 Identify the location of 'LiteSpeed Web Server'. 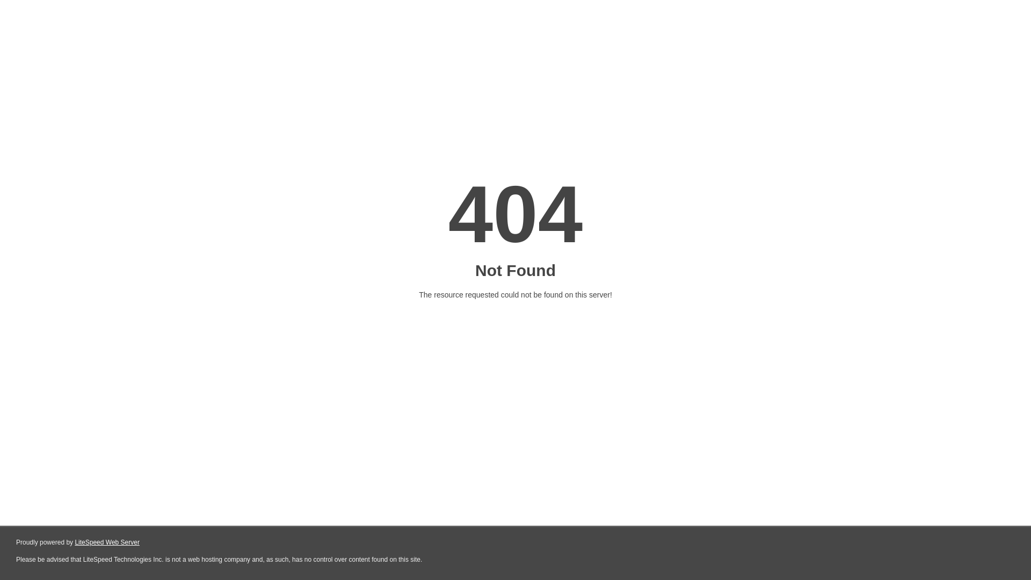
(107, 542).